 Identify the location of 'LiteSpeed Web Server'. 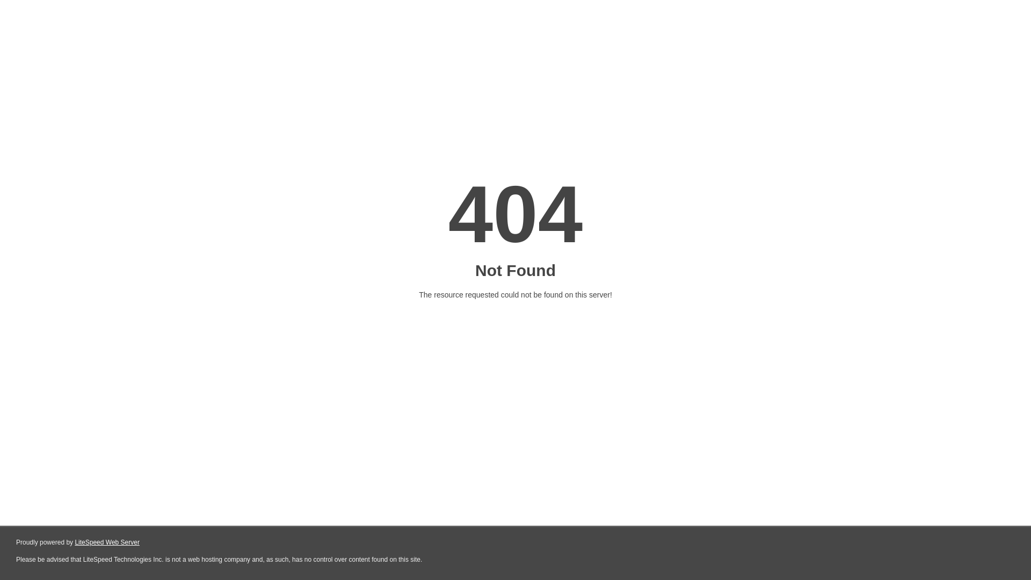
(107, 542).